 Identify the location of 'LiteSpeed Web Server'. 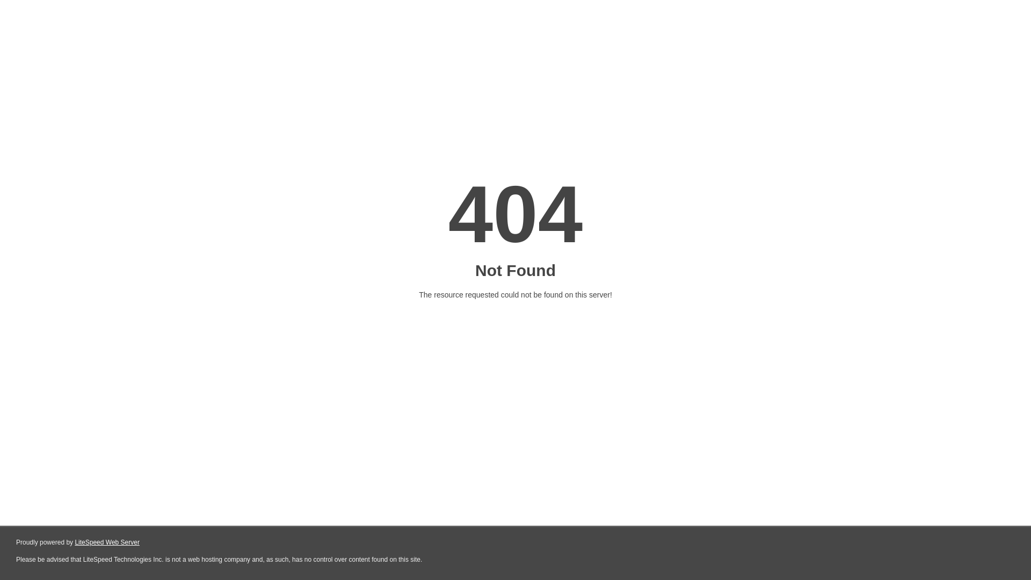
(107, 542).